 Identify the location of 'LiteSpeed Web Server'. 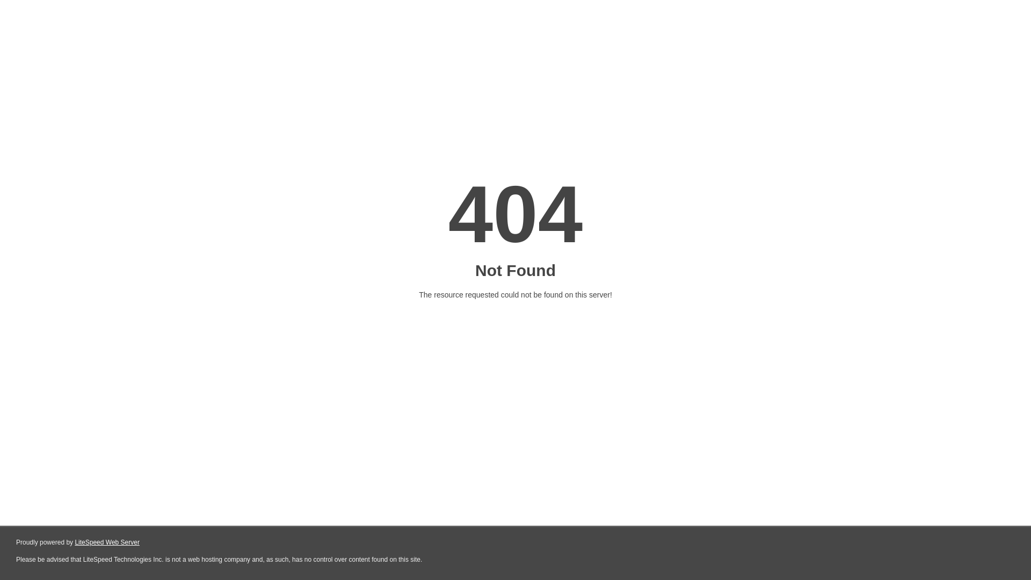
(107, 542).